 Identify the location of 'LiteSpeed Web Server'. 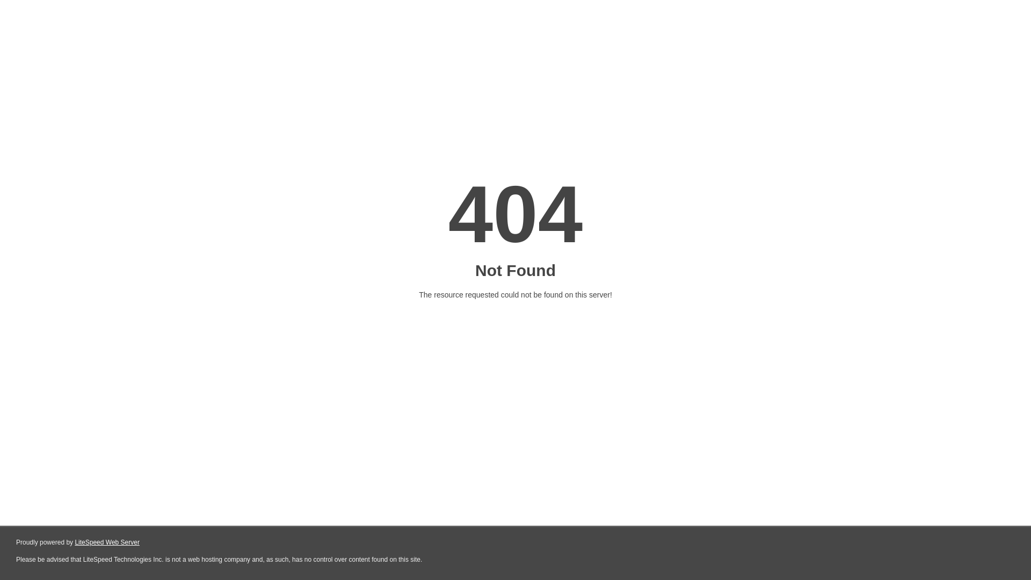
(107, 542).